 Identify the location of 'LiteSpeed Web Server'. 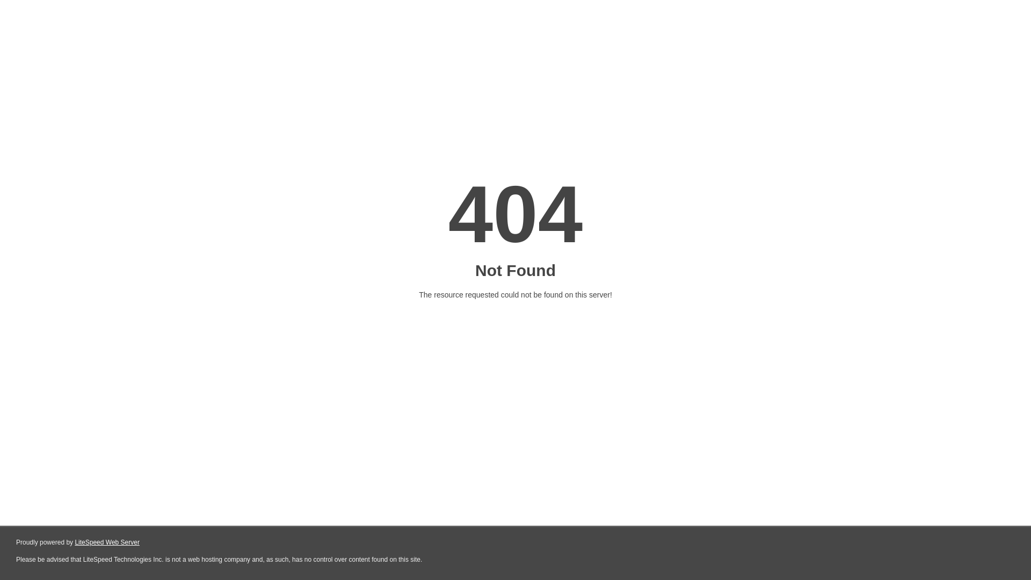
(107, 542).